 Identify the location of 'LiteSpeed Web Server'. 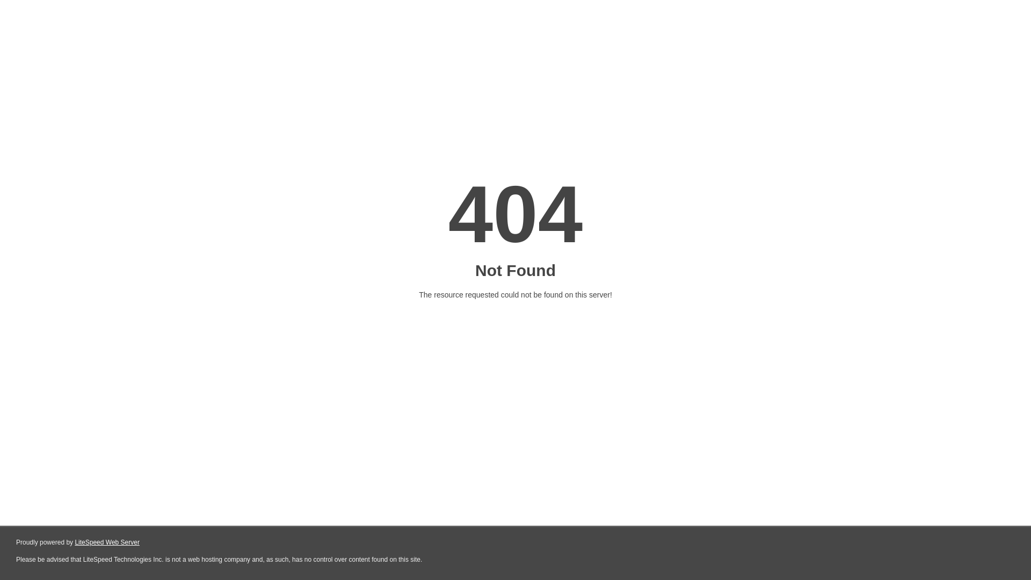
(107, 542).